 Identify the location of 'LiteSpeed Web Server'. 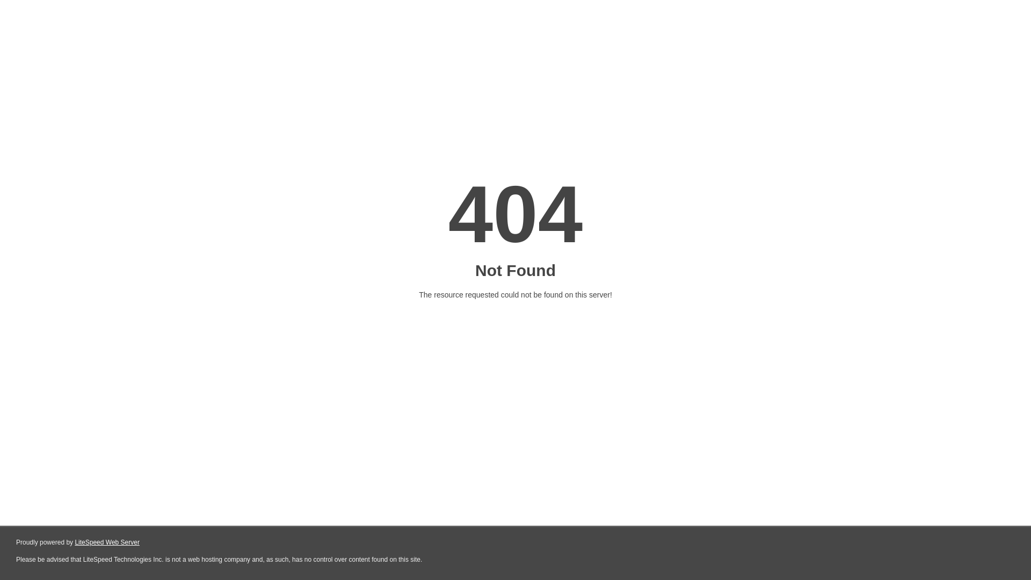
(107, 542).